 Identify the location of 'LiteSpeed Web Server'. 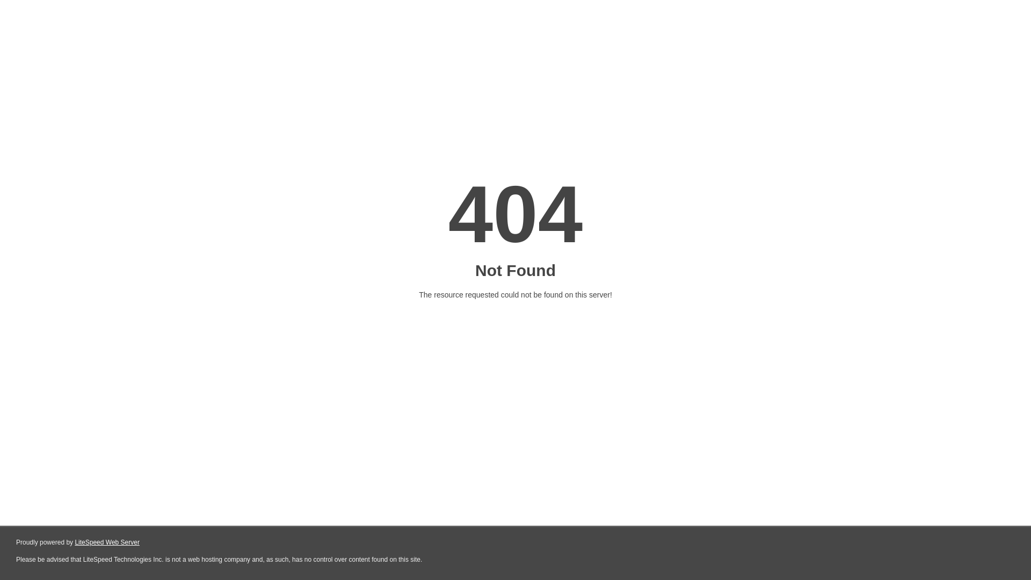
(107, 542).